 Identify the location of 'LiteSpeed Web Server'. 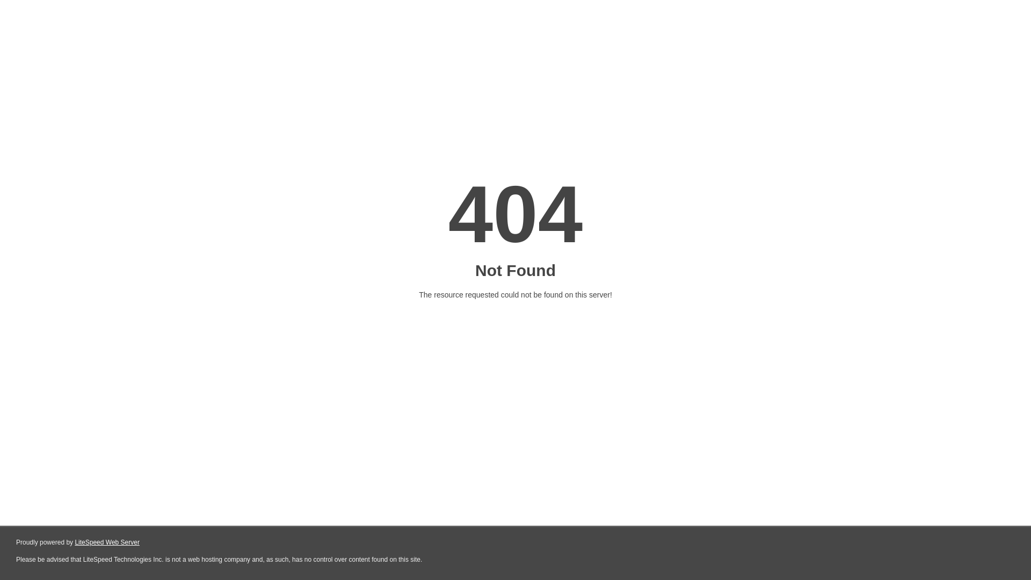
(107, 542).